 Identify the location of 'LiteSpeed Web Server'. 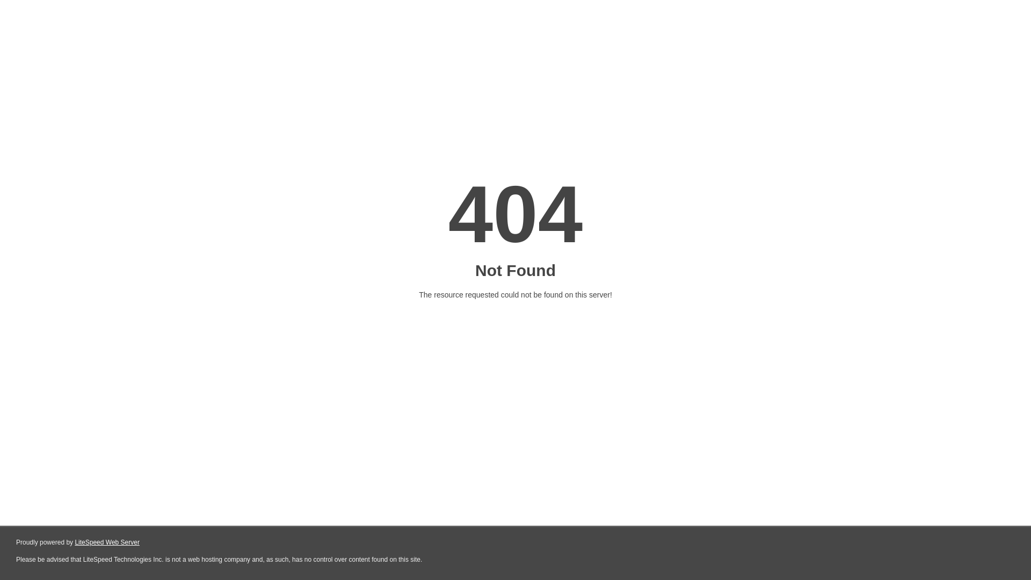
(107, 542).